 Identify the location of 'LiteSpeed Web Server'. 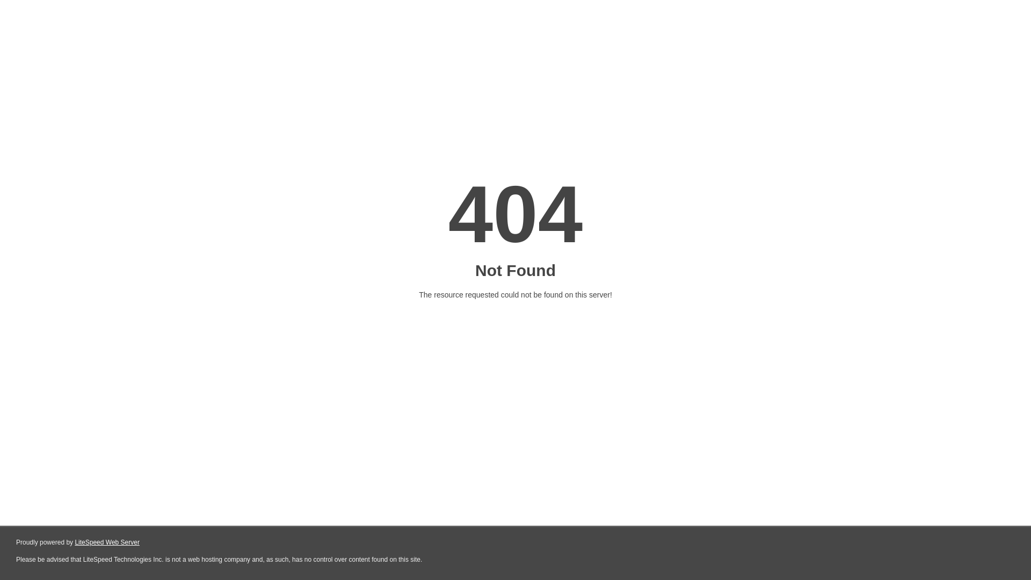
(107, 542).